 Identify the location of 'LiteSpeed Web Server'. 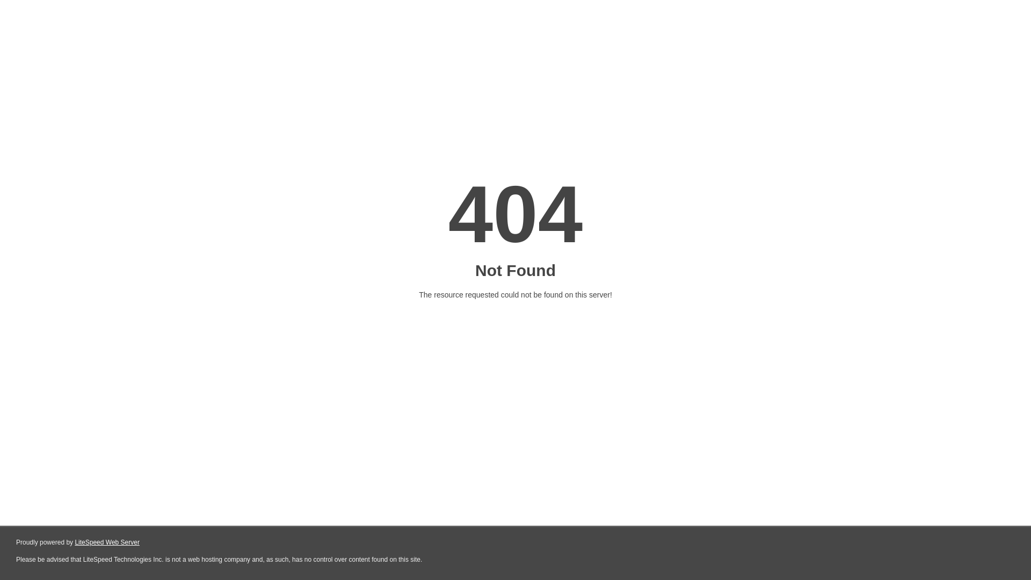
(107, 542).